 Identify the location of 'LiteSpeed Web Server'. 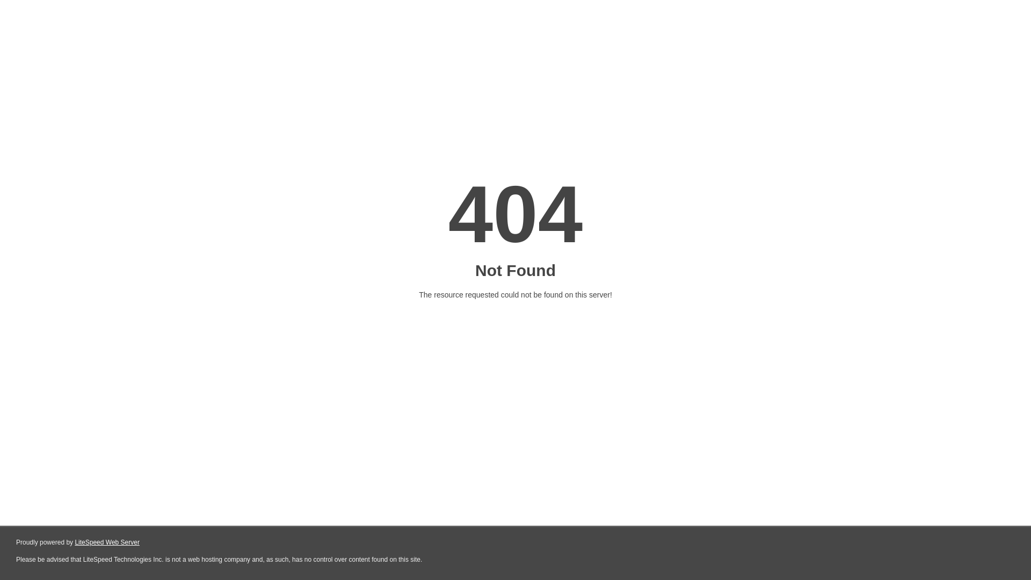
(107, 542).